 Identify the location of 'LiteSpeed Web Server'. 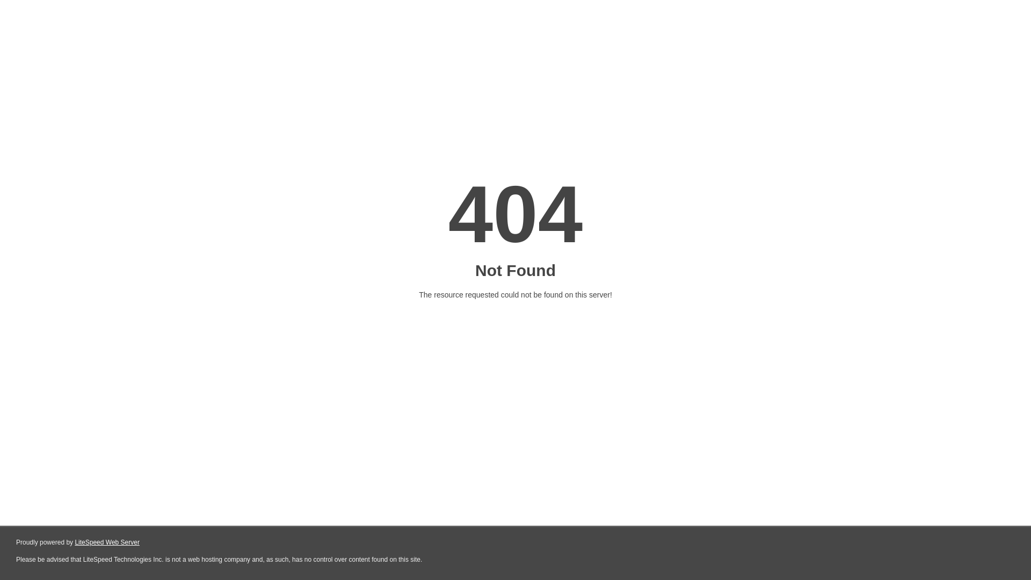
(107, 542).